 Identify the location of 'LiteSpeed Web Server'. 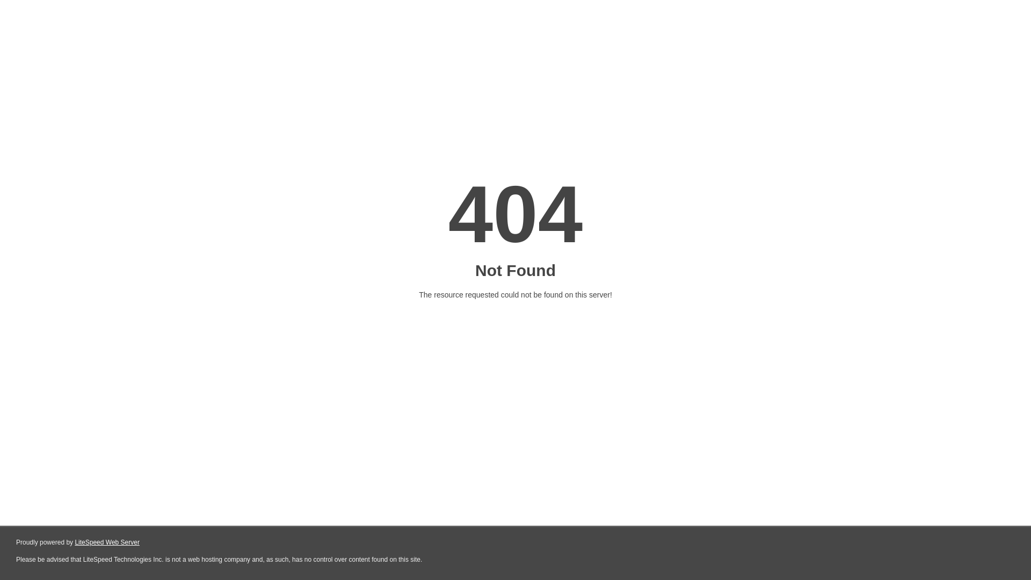
(107, 542).